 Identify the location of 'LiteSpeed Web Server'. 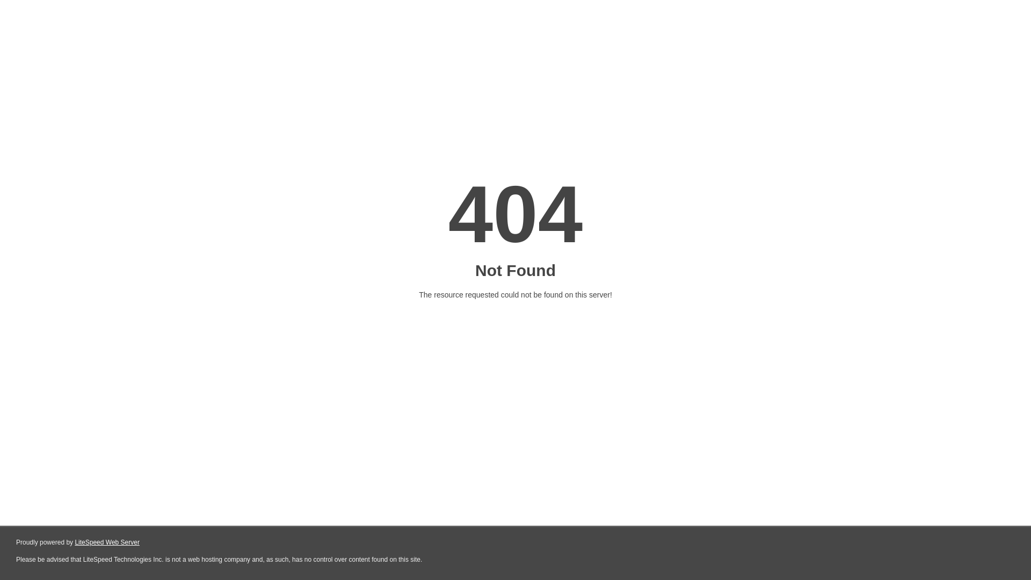
(107, 542).